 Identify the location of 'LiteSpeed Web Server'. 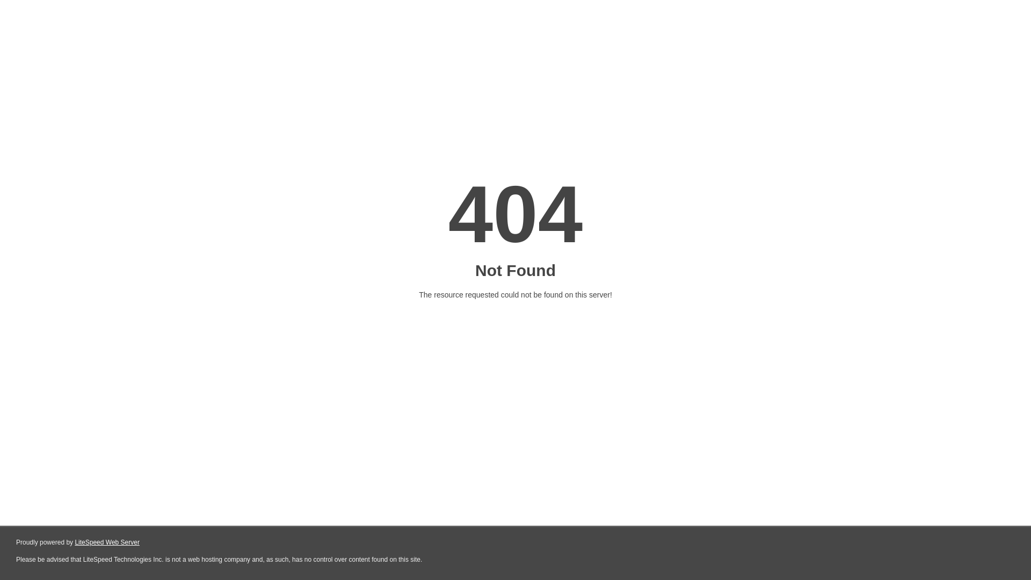
(107, 542).